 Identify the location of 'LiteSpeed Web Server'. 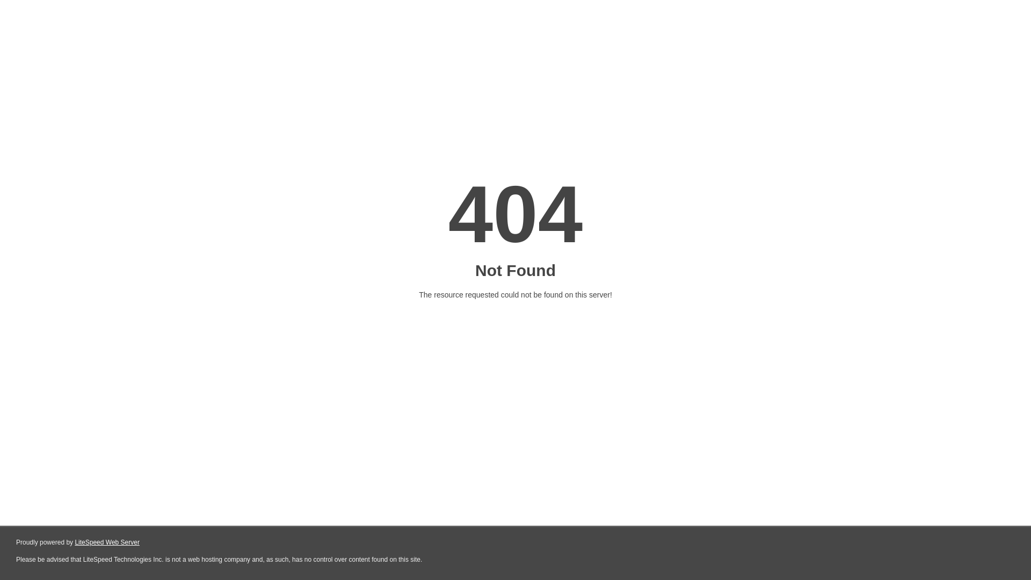
(107, 542).